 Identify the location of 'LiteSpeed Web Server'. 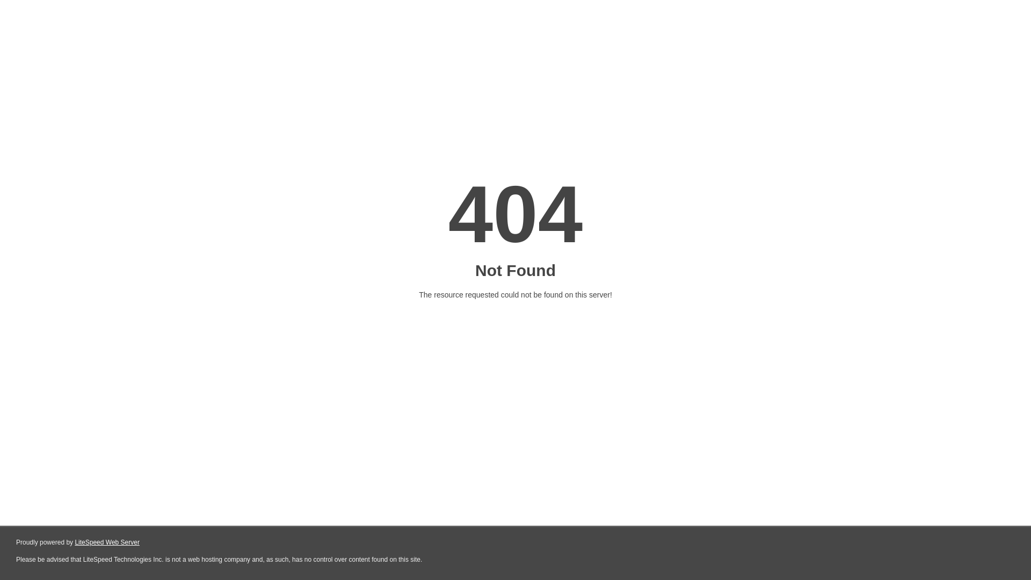
(107, 542).